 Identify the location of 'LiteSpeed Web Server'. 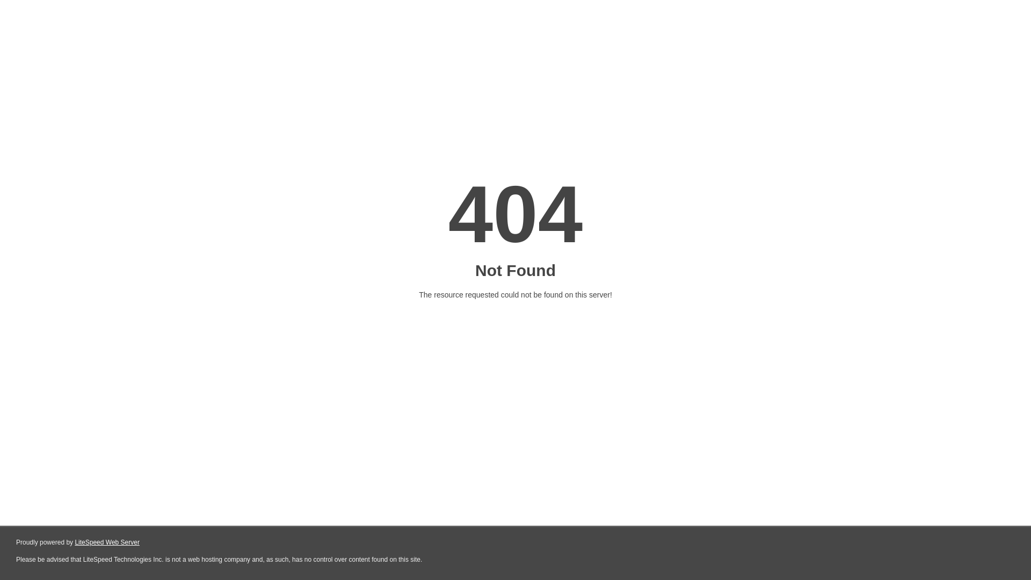
(107, 542).